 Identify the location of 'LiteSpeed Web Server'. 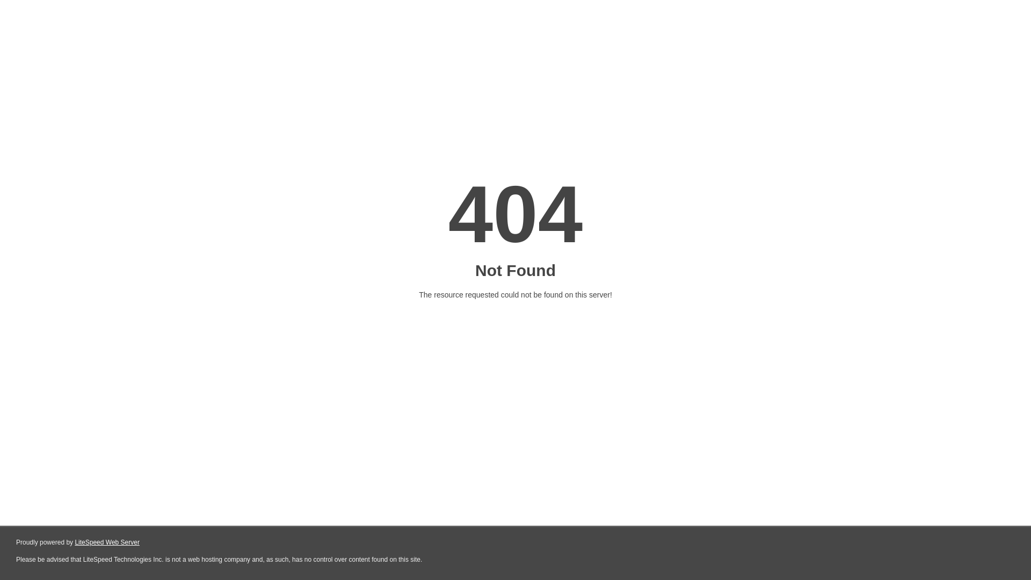
(107, 542).